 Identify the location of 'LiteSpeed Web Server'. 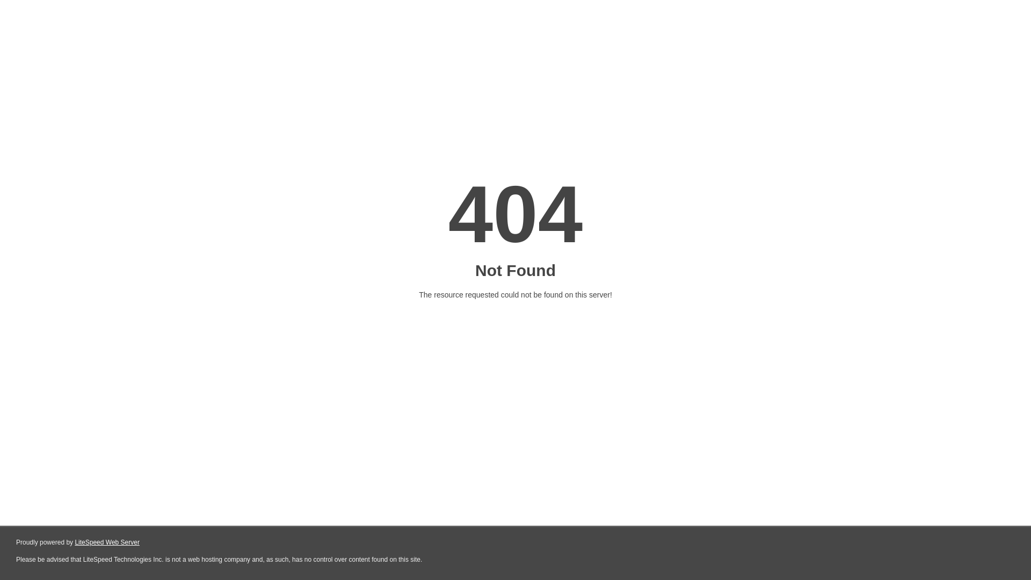
(107, 542).